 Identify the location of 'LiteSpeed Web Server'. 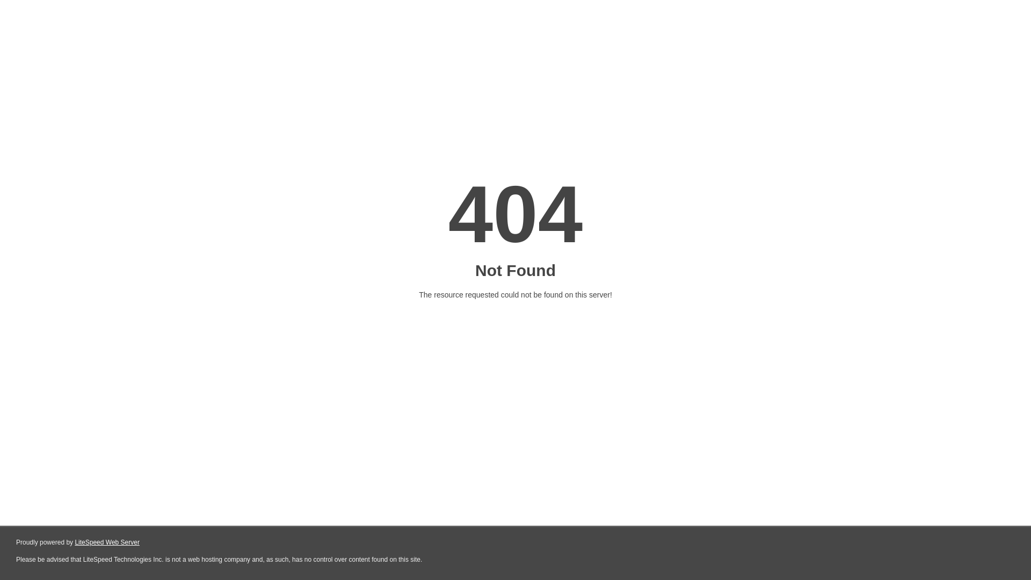
(107, 542).